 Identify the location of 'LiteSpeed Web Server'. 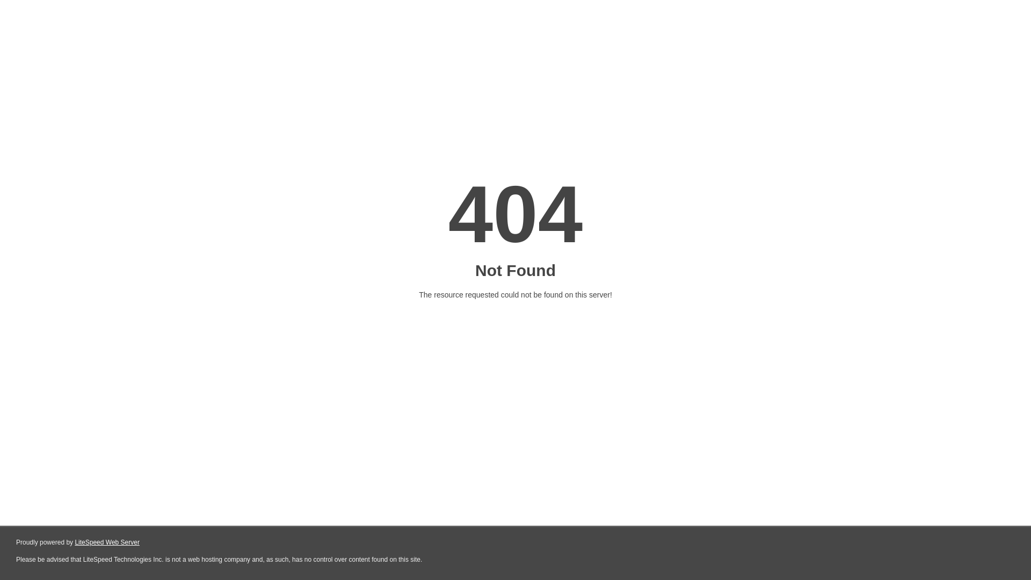
(107, 542).